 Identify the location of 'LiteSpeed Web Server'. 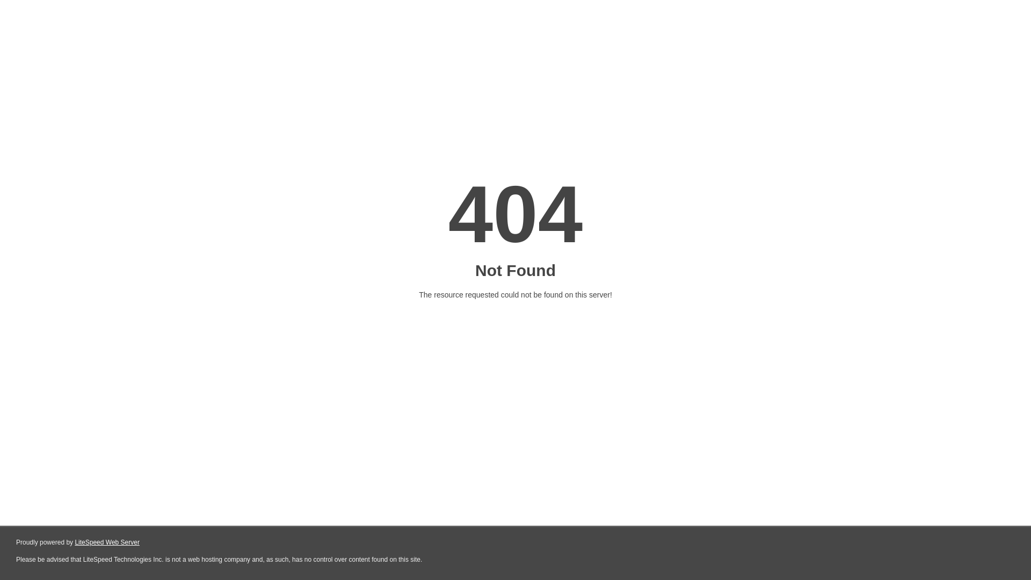
(107, 542).